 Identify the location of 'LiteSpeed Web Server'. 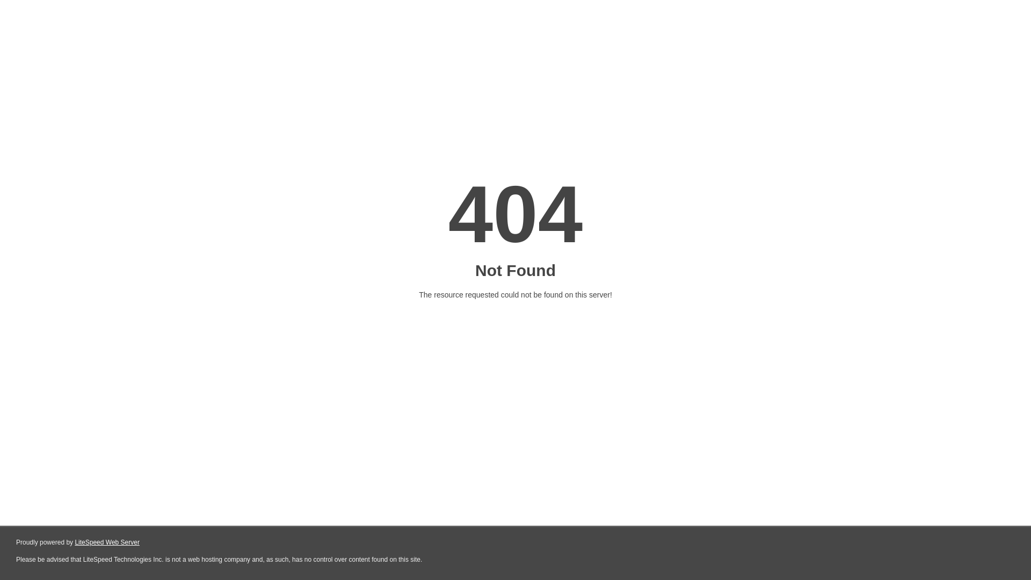
(107, 542).